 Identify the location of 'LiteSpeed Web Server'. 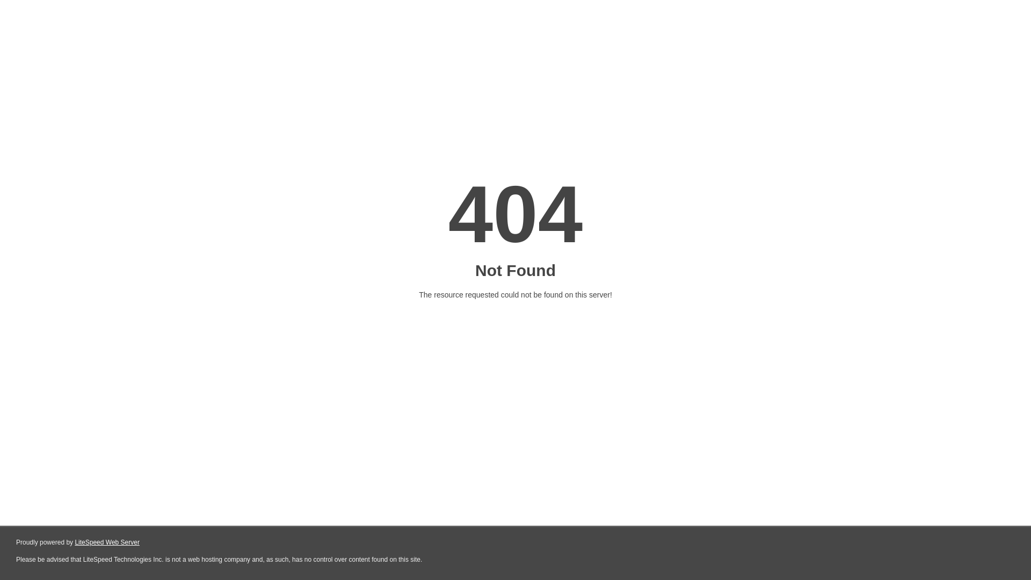
(107, 542).